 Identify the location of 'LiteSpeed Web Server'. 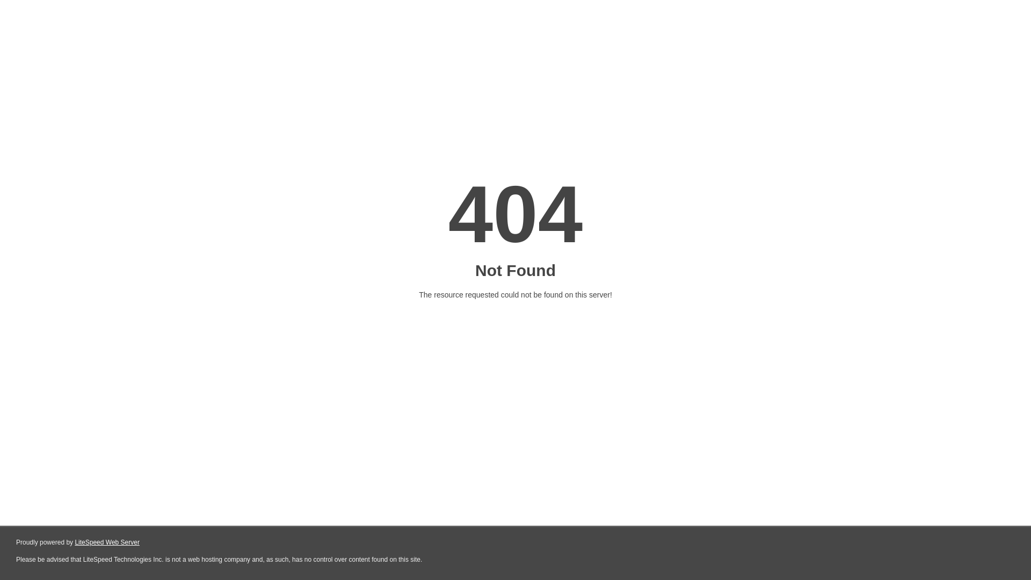
(107, 542).